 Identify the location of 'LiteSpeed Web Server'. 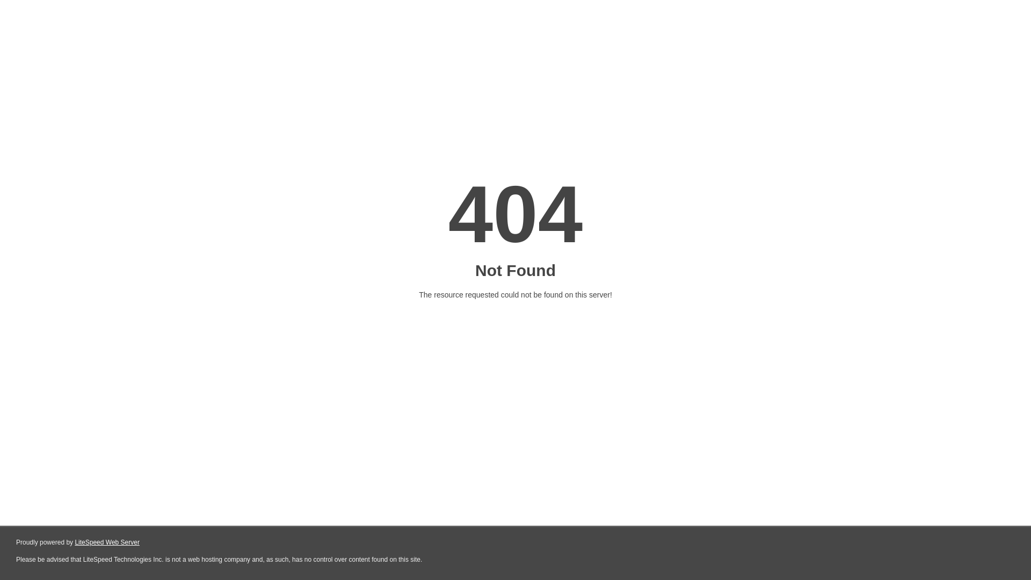
(107, 542).